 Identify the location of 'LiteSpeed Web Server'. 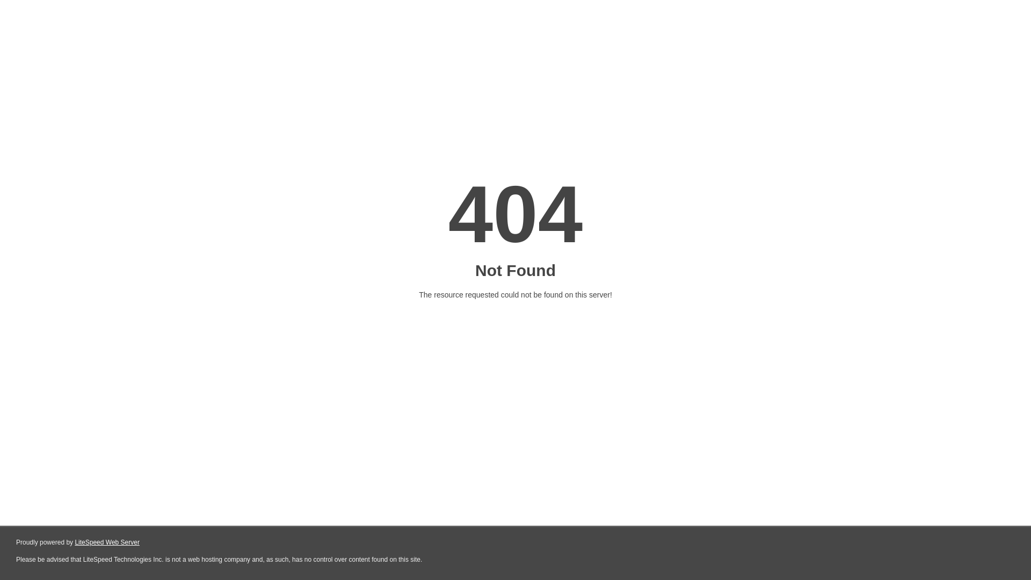
(107, 542).